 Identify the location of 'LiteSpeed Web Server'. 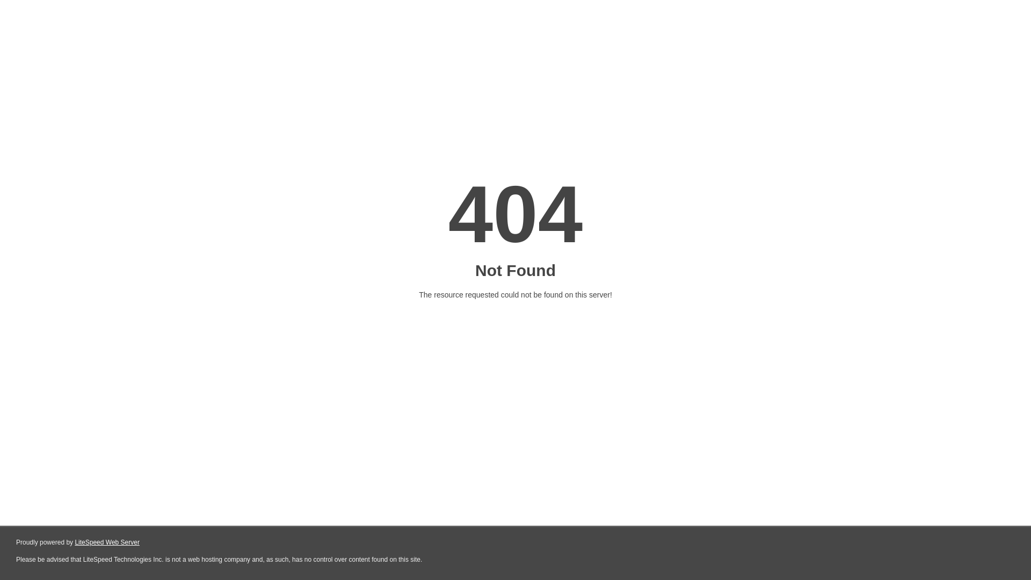
(107, 542).